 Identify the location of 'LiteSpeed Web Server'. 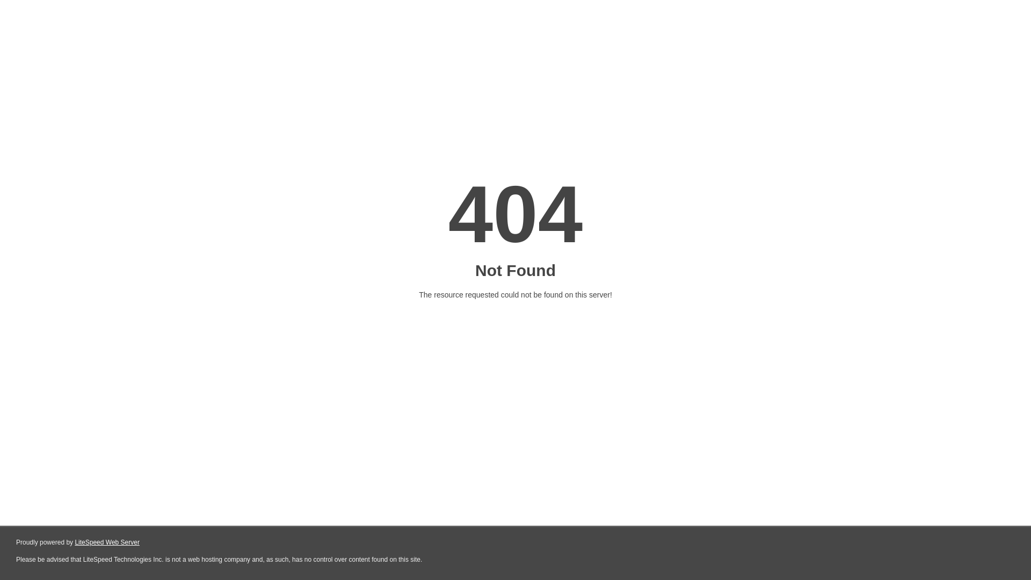
(107, 542).